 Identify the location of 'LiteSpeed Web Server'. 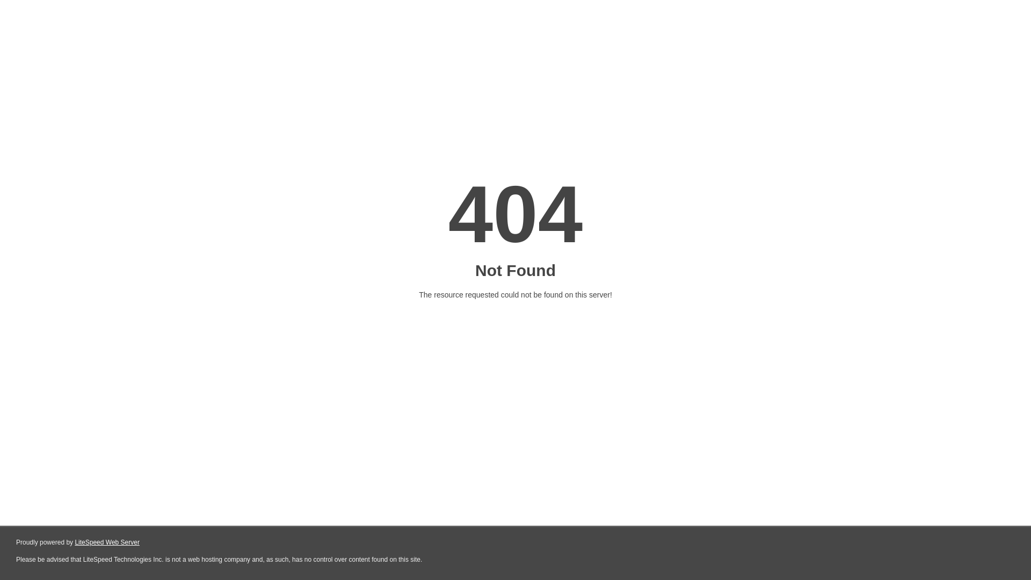
(107, 542).